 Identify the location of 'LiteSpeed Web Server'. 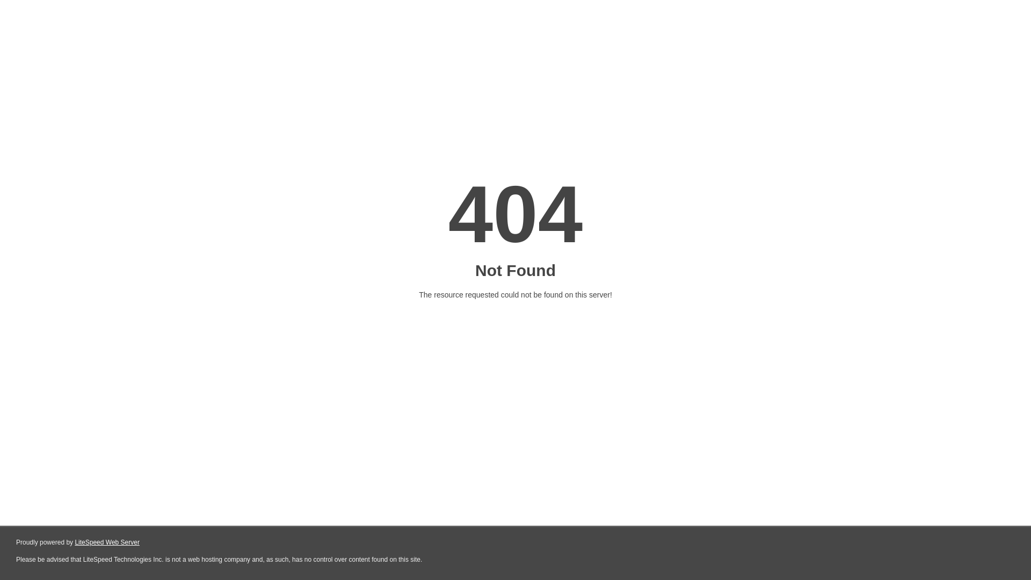
(107, 542).